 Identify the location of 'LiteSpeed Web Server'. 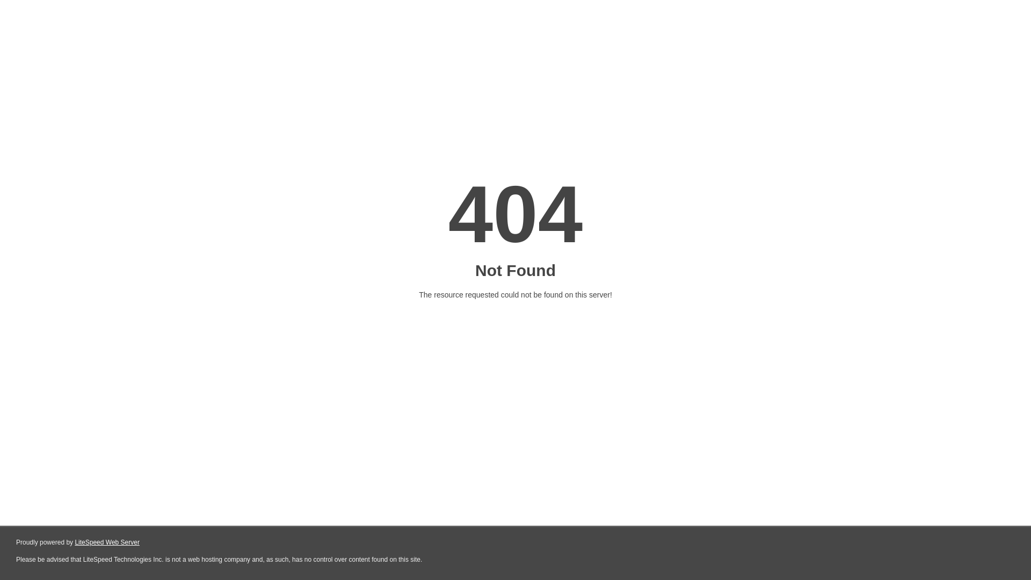
(107, 542).